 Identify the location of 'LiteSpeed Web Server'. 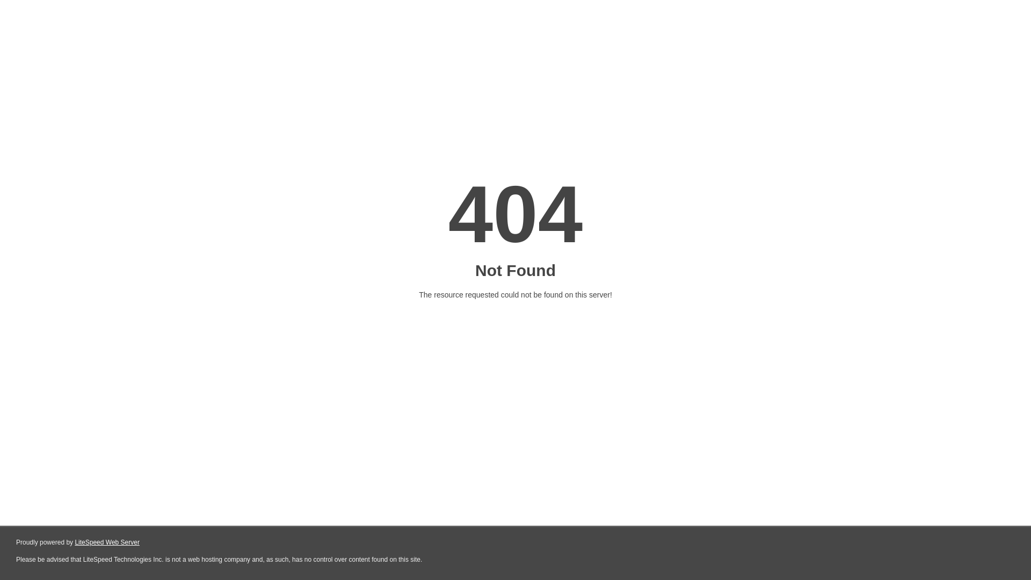
(107, 542).